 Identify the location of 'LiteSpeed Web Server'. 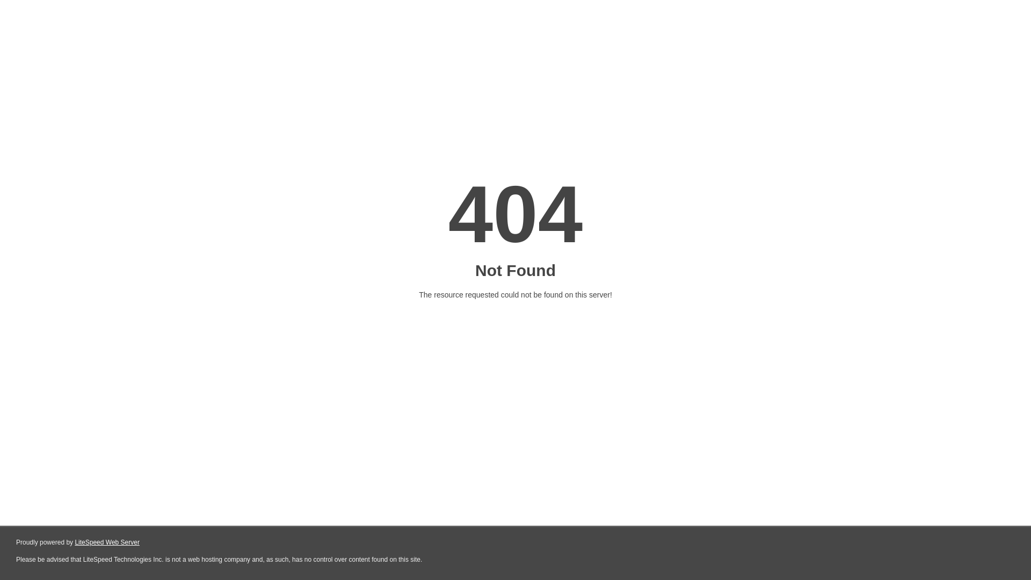
(107, 542).